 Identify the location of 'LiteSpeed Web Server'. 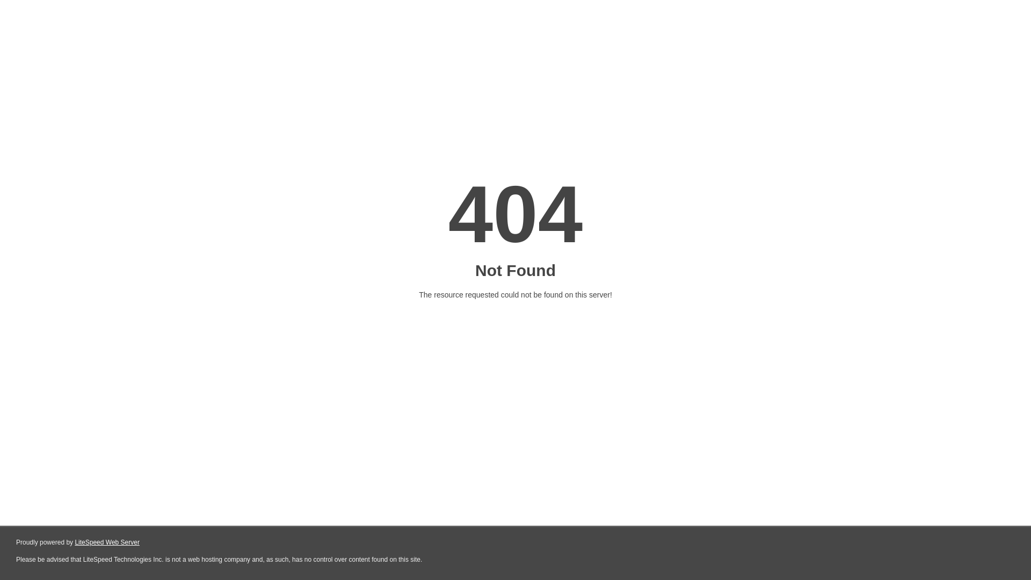
(107, 542).